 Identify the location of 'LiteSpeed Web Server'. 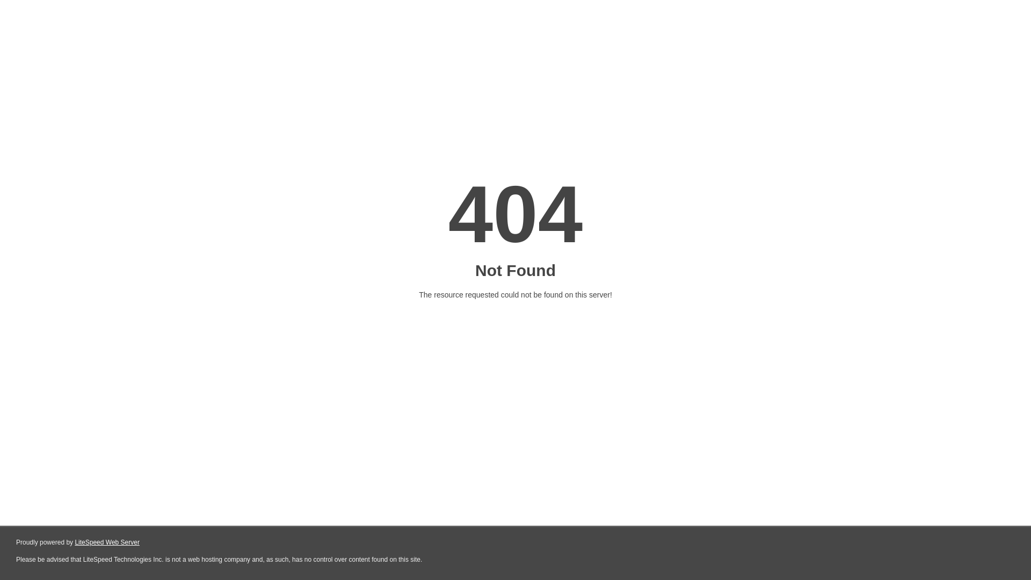
(107, 542).